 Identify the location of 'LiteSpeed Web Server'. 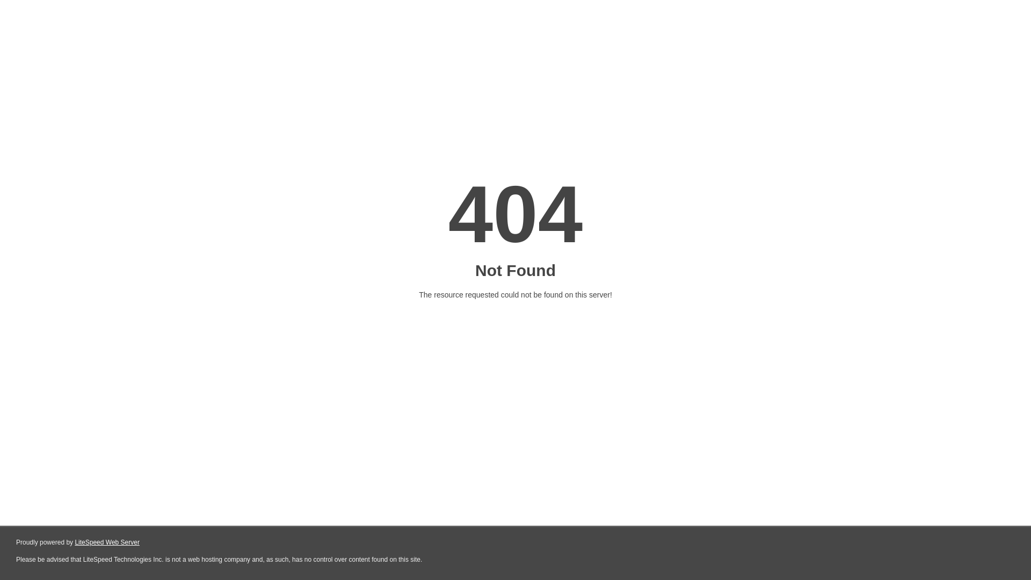
(107, 542).